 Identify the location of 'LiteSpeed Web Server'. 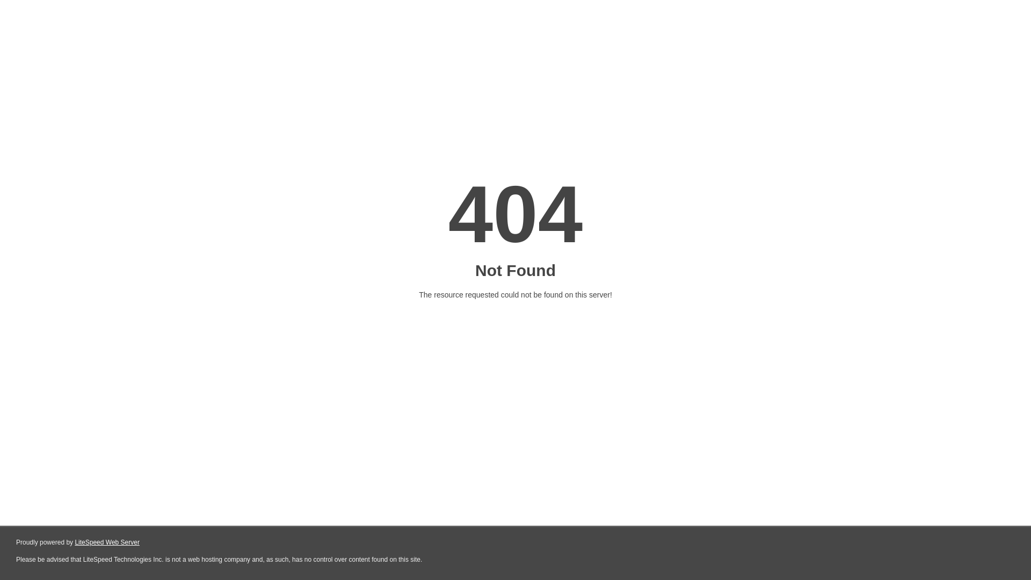
(107, 542).